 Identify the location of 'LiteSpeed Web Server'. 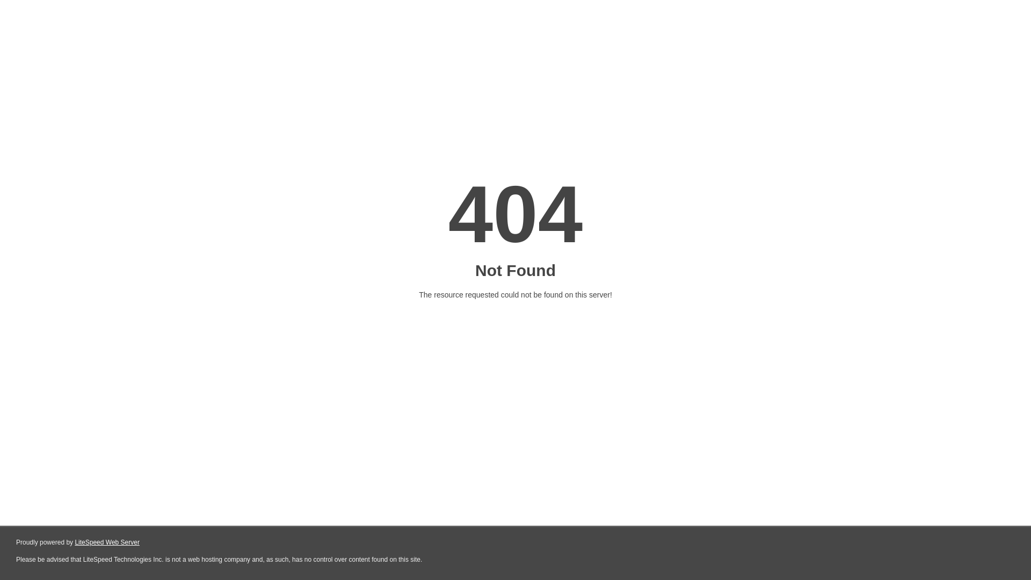
(107, 542).